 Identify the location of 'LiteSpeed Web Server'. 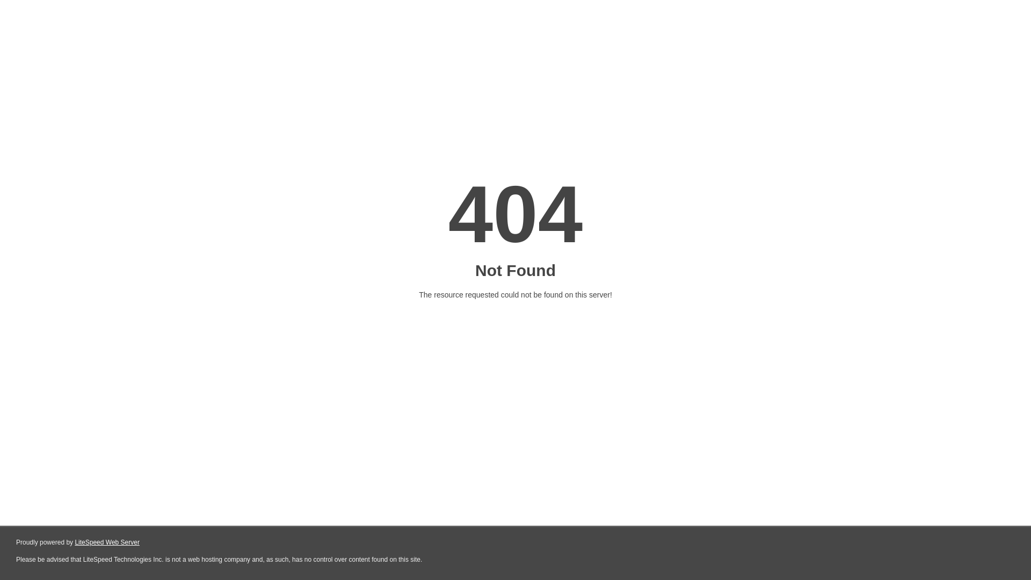
(107, 542).